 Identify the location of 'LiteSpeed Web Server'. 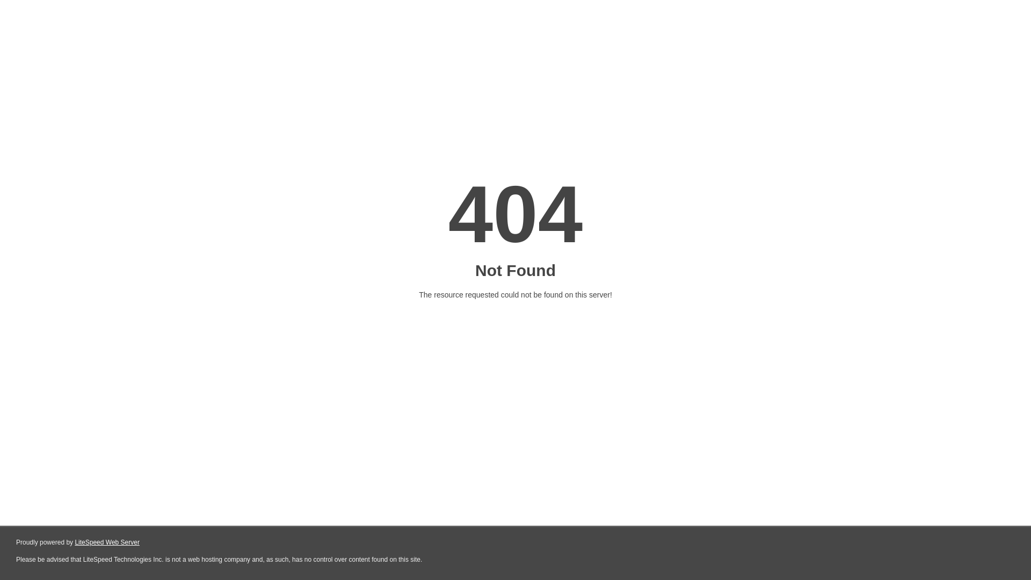
(107, 542).